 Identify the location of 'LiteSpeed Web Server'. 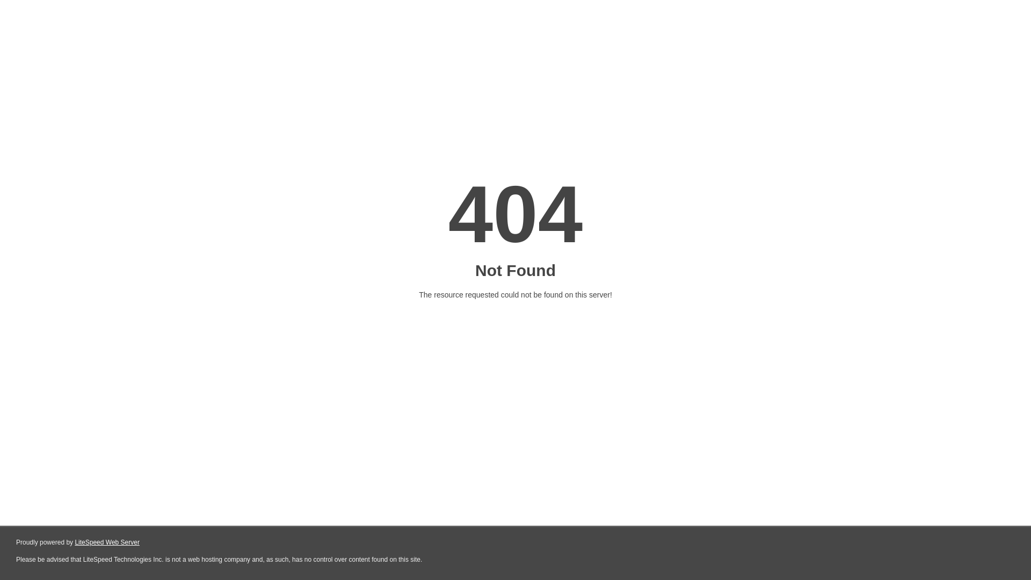
(107, 542).